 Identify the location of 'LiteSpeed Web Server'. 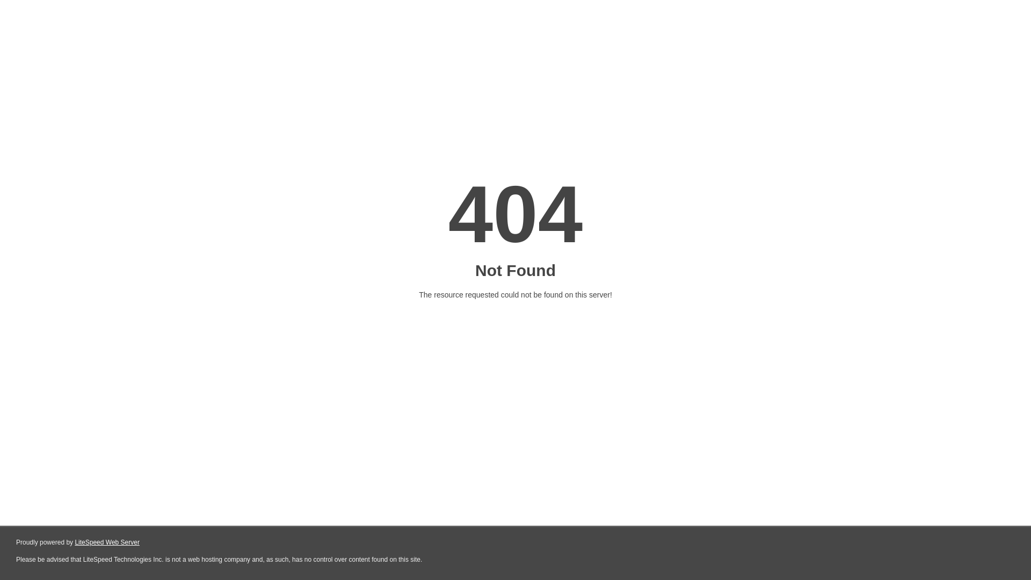
(107, 542).